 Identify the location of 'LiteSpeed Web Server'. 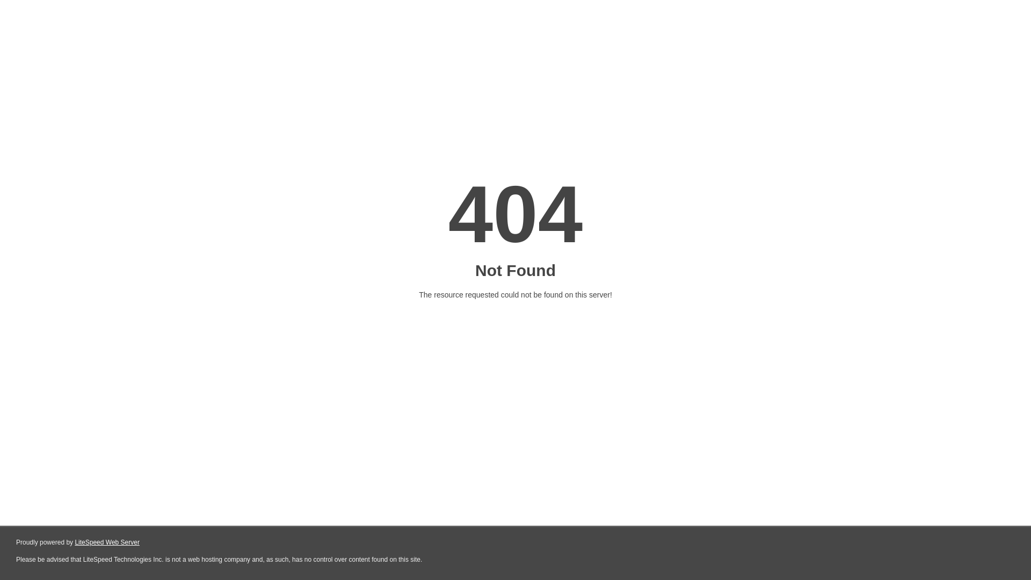
(107, 542).